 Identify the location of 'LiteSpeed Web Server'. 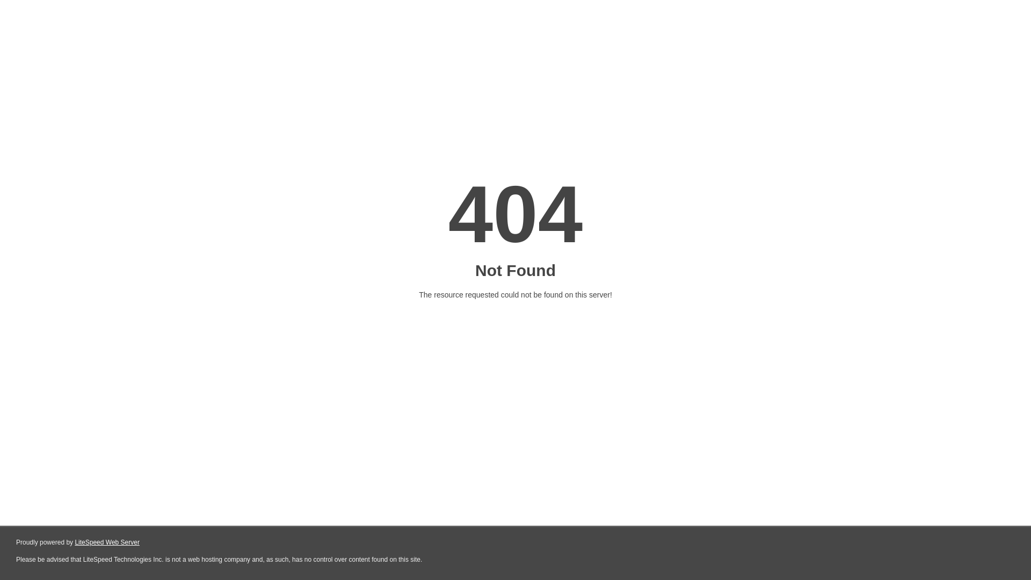
(107, 542).